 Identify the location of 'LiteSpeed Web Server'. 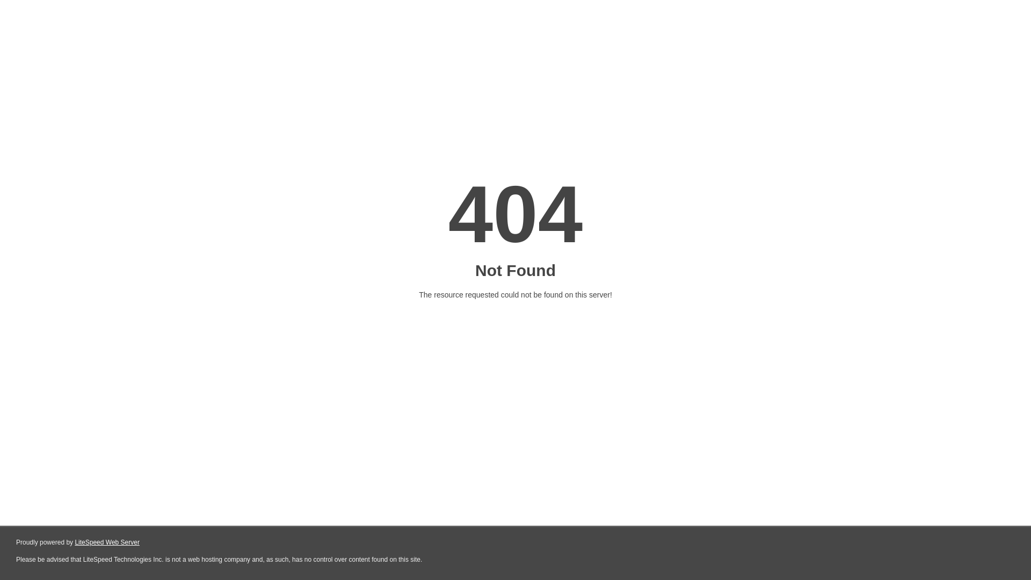
(107, 542).